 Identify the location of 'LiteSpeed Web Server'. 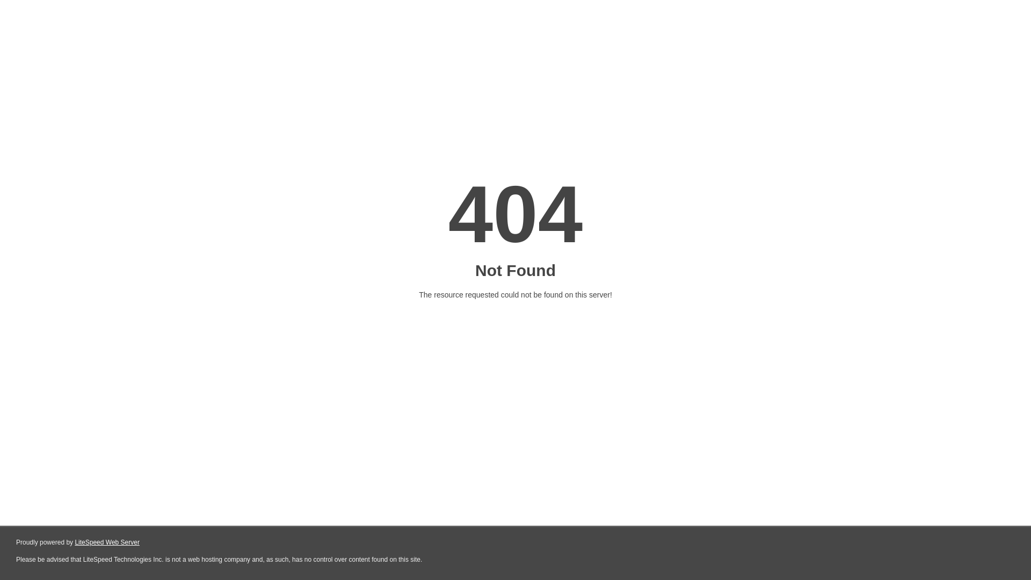
(107, 542).